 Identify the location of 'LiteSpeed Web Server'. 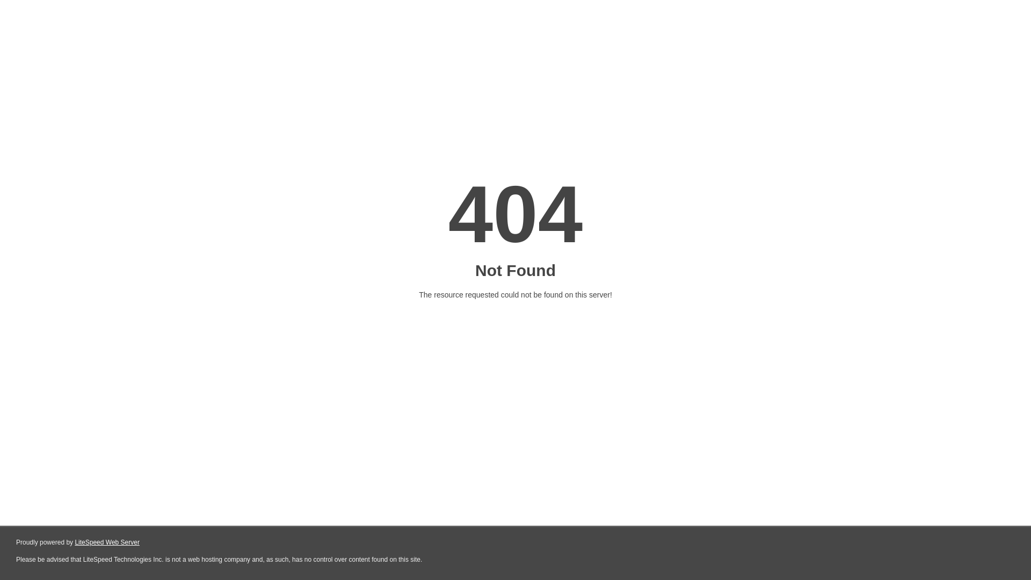
(107, 542).